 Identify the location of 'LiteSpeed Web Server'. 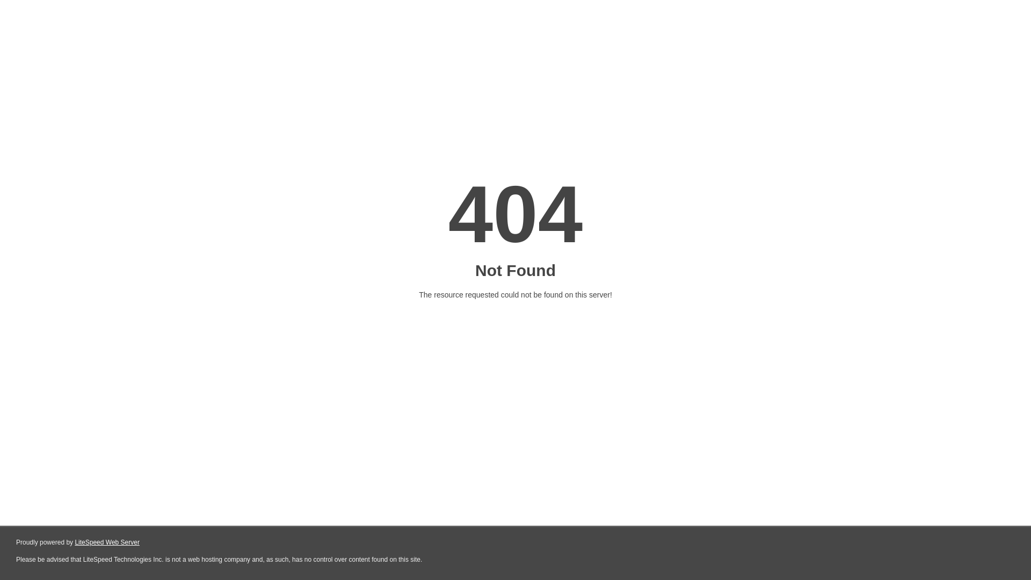
(107, 542).